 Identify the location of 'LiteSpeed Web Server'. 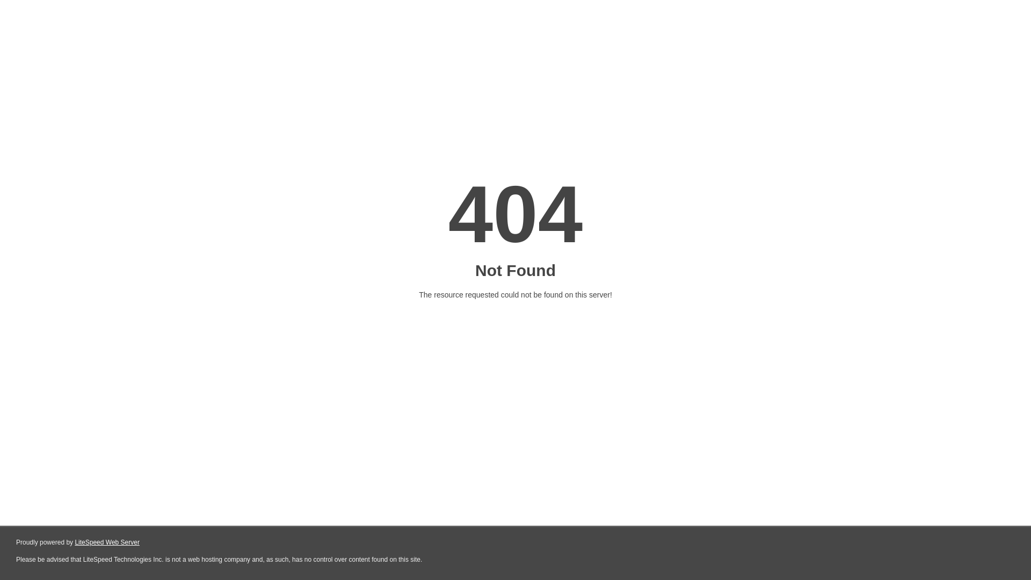
(107, 542).